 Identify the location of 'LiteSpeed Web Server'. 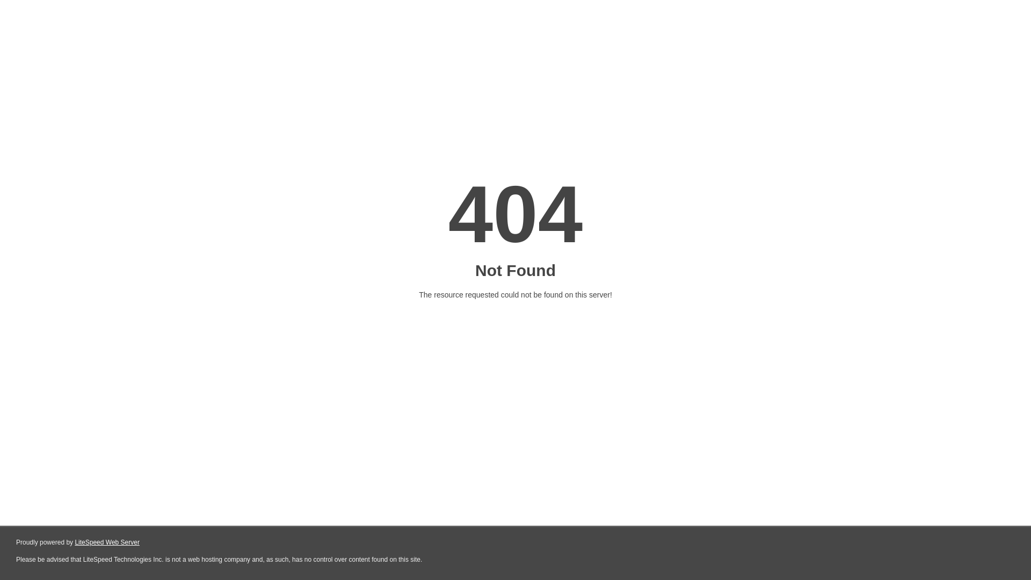
(107, 542).